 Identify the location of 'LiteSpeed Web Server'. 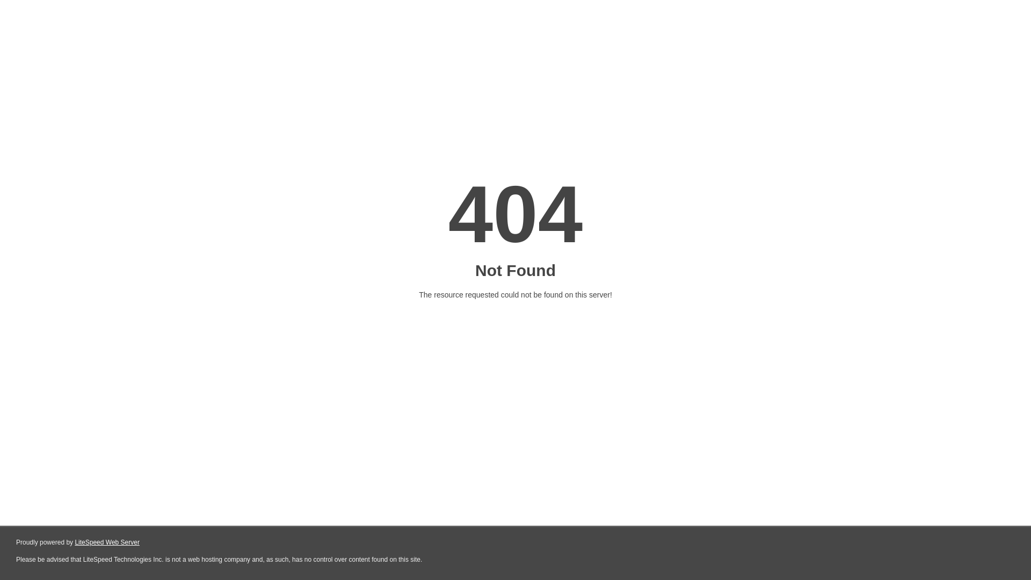
(107, 542).